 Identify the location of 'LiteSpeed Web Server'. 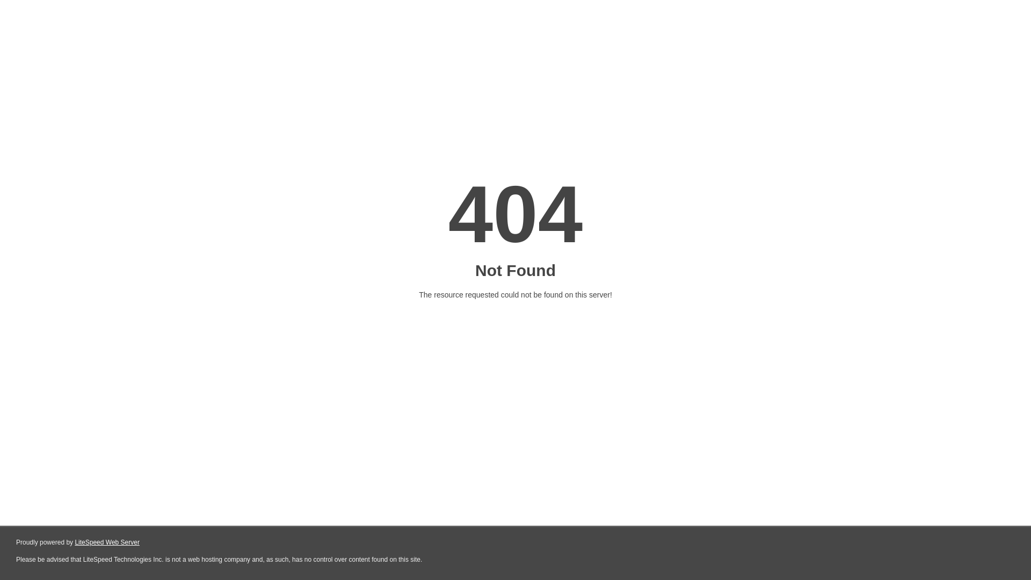
(107, 542).